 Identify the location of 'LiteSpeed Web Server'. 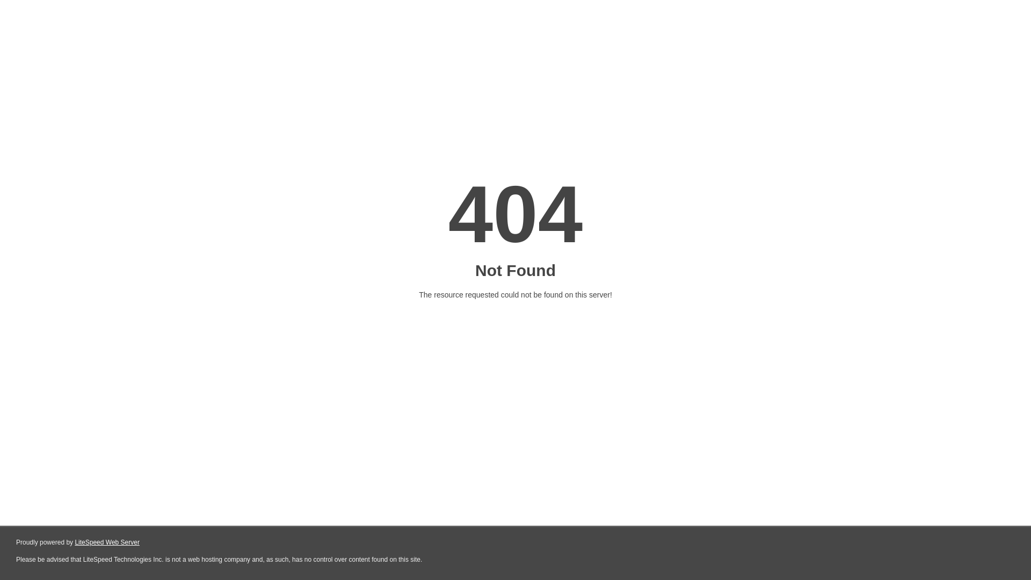
(107, 542).